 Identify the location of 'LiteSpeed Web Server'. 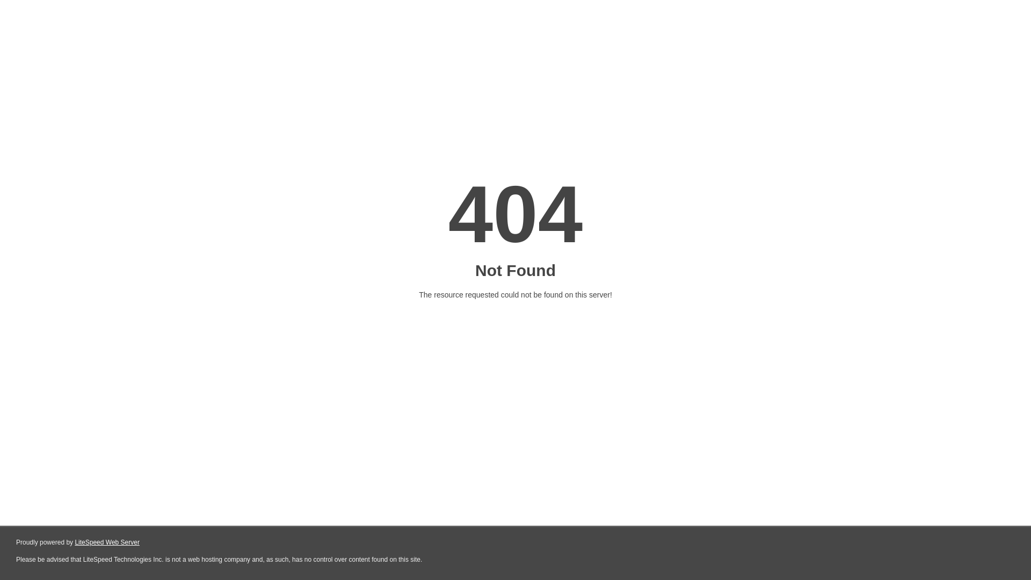
(107, 542).